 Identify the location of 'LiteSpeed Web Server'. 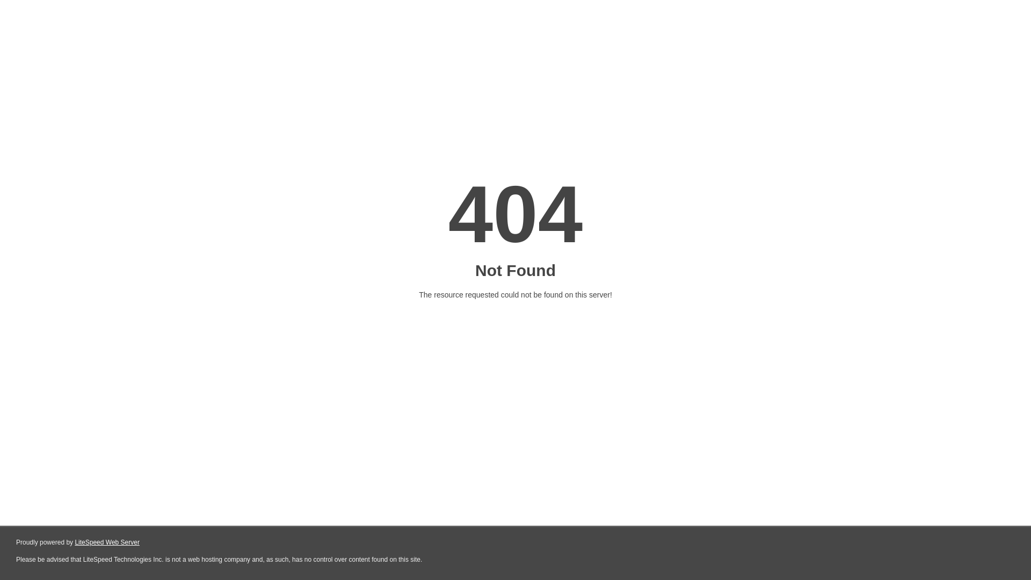
(107, 542).